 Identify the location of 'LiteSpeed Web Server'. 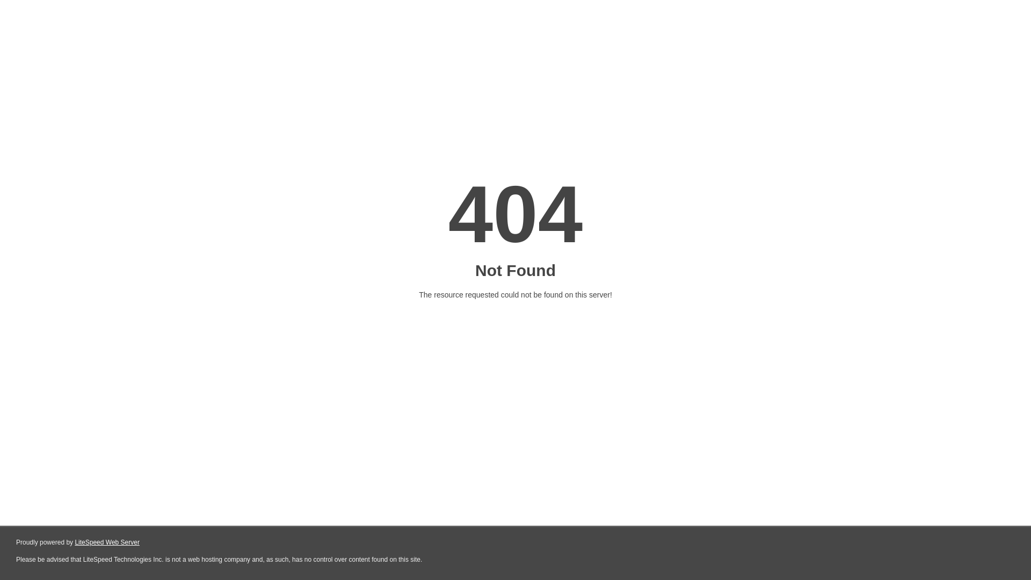
(107, 542).